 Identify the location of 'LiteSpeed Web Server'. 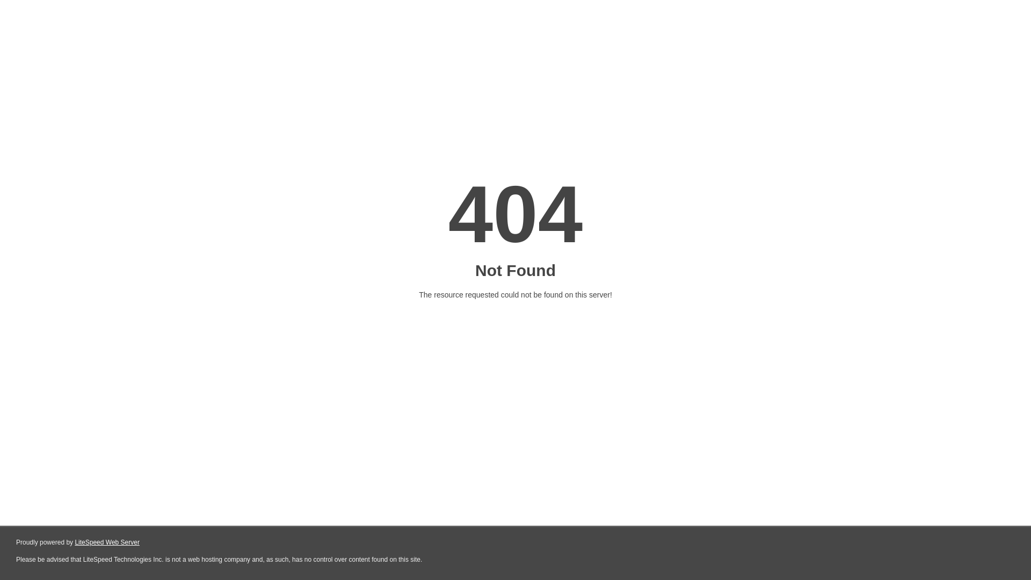
(107, 542).